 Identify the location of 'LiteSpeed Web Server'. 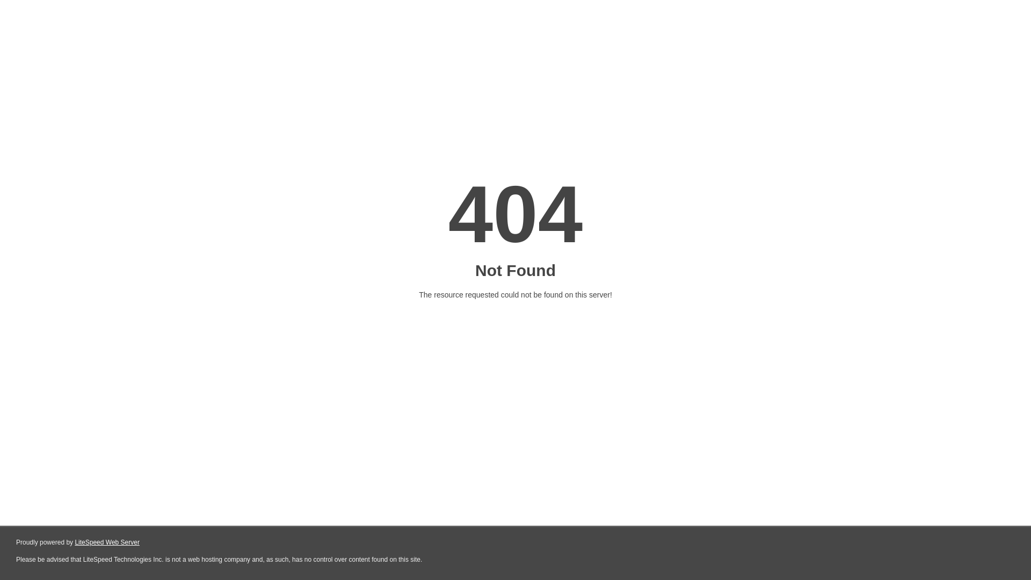
(107, 542).